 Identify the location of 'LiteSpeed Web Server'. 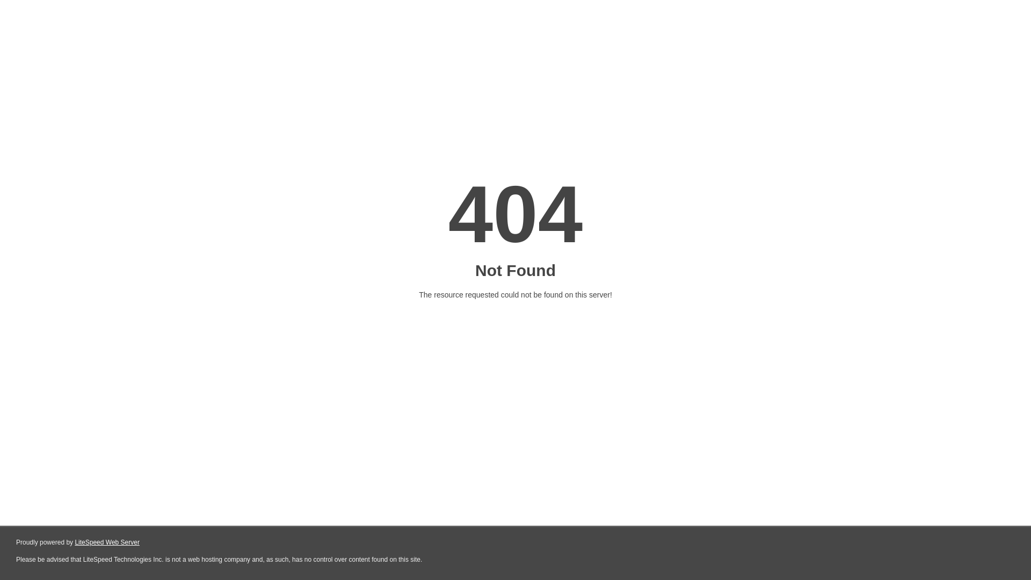
(107, 542).